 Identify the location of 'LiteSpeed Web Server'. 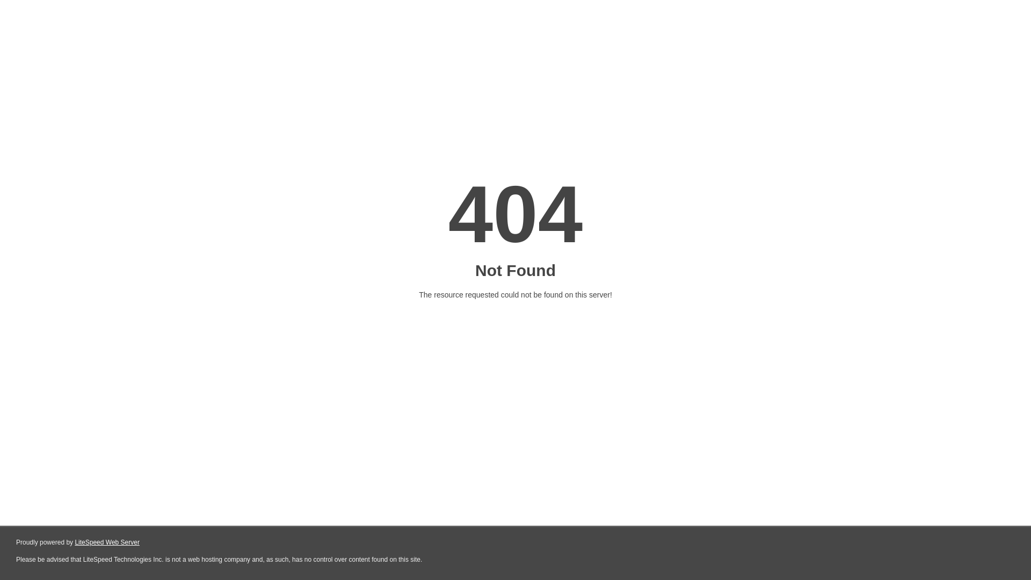
(107, 542).